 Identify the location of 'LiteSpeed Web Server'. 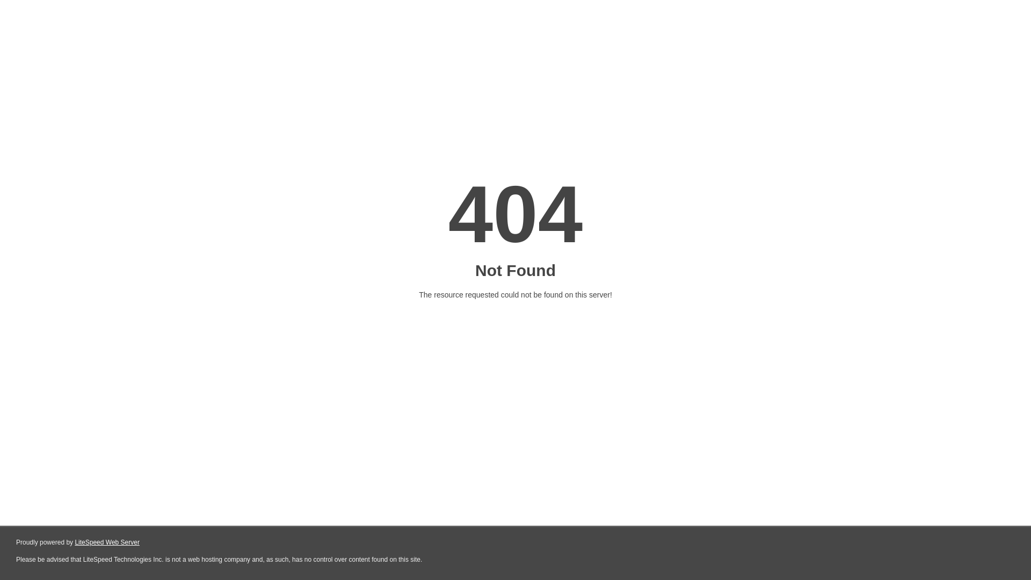
(107, 542).